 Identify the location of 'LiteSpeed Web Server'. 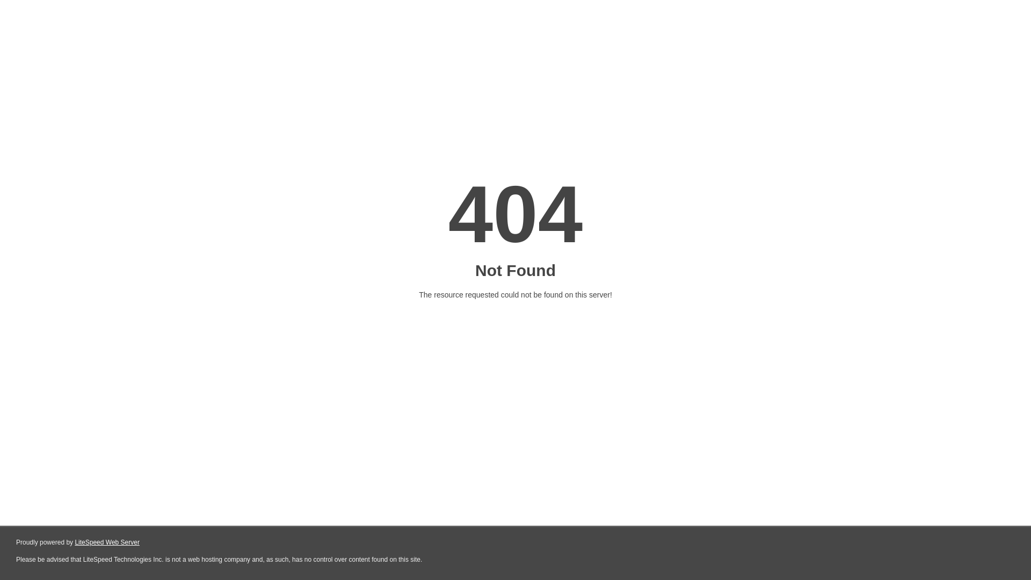
(107, 542).